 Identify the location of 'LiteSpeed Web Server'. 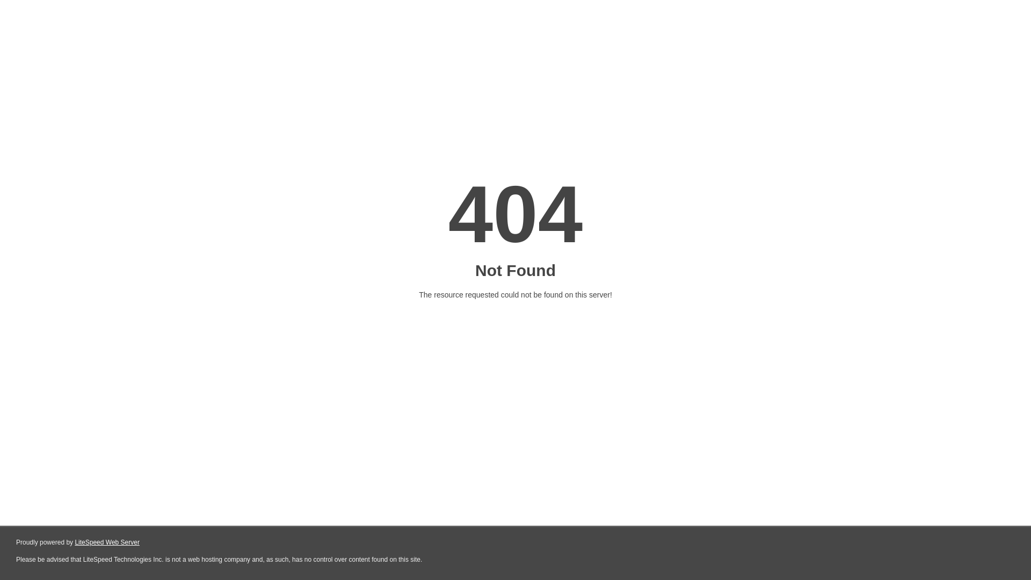
(107, 542).